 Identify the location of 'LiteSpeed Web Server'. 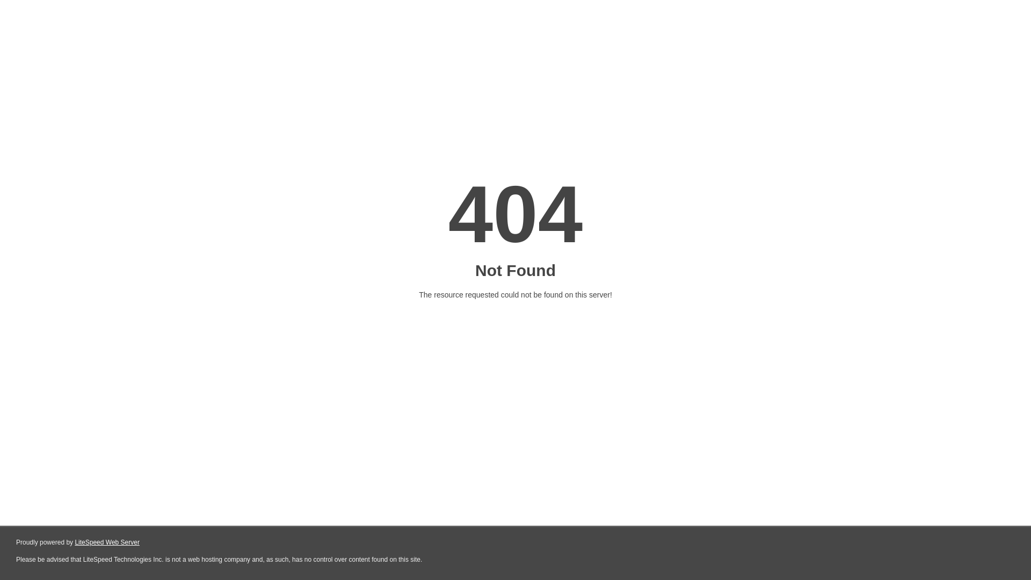
(107, 542).